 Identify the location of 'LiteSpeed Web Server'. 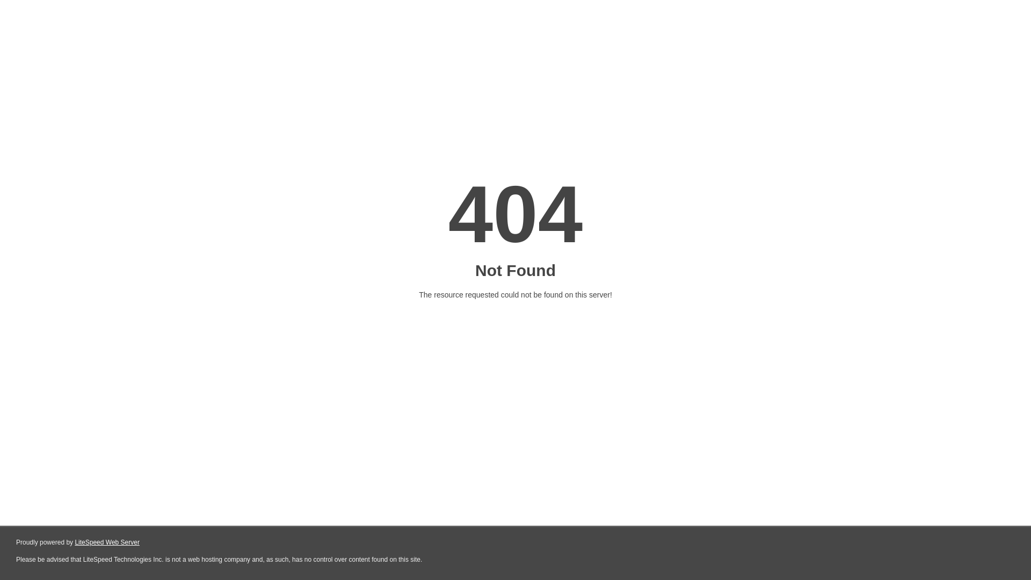
(107, 542).